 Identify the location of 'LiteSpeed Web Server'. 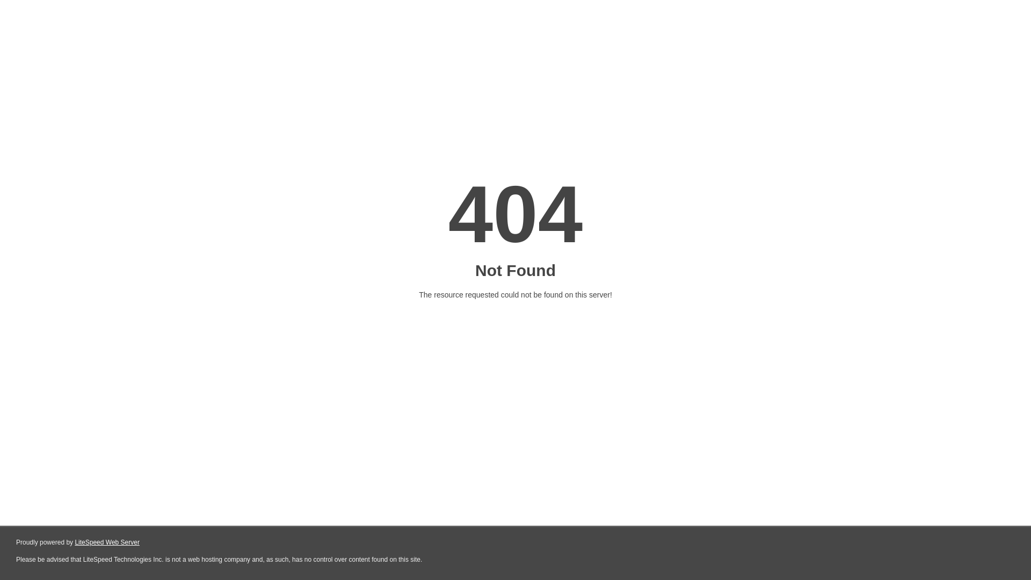
(107, 542).